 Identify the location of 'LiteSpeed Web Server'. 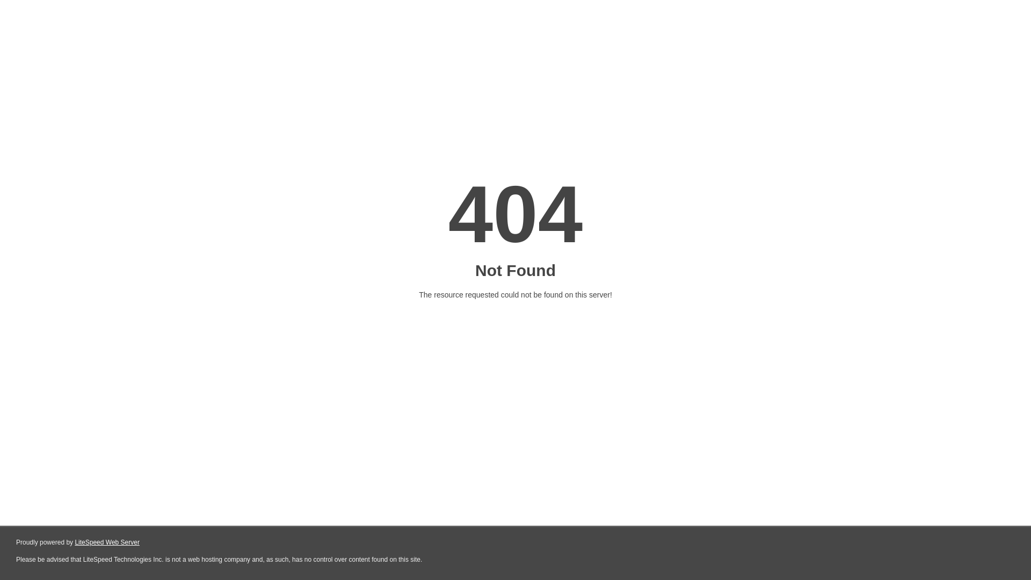
(107, 542).